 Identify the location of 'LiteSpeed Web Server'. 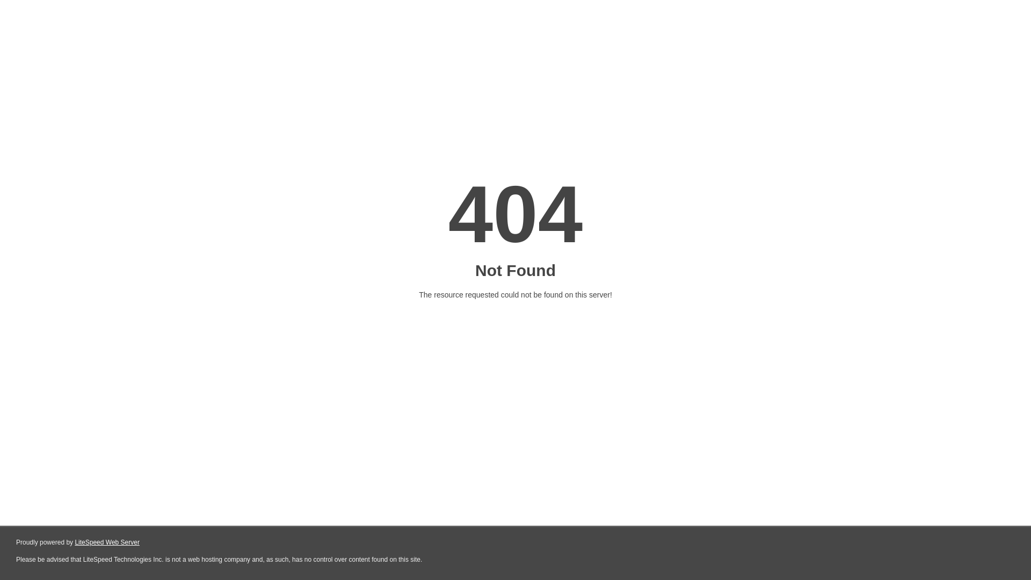
(107, 542).